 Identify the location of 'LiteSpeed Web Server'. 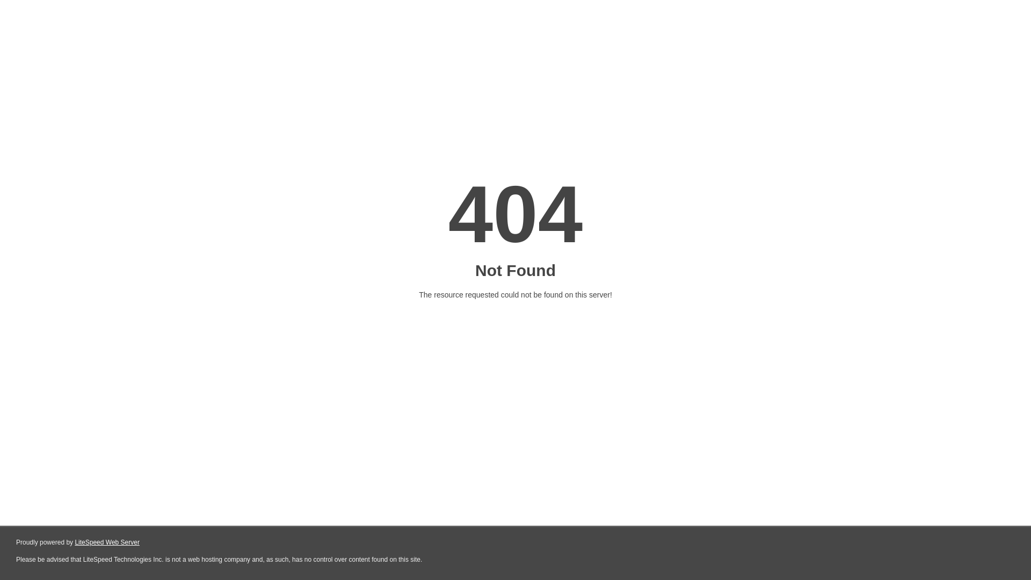
(107, 542).